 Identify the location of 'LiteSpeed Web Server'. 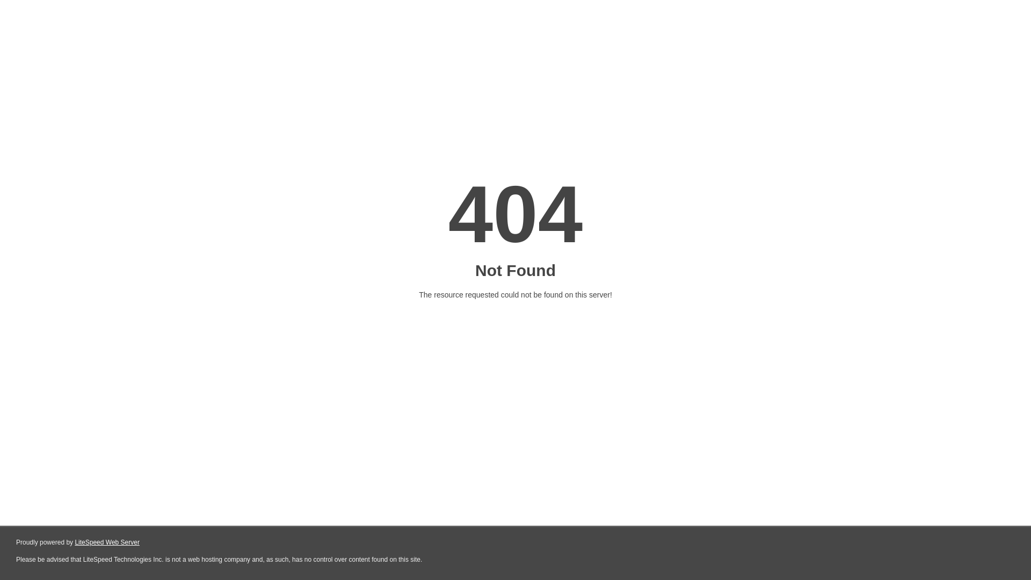
(107, 542).